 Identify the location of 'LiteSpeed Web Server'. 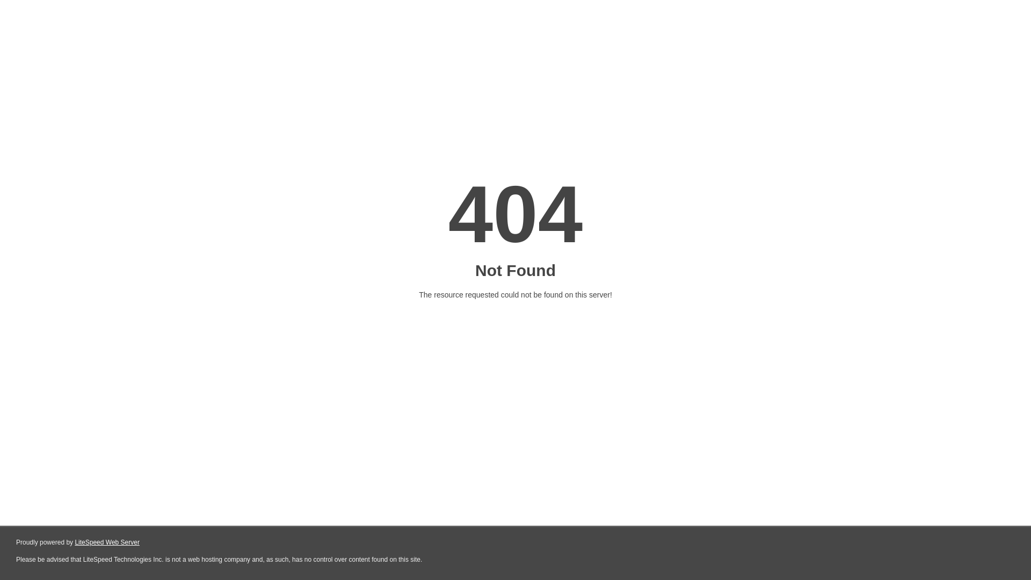
(107, 542).